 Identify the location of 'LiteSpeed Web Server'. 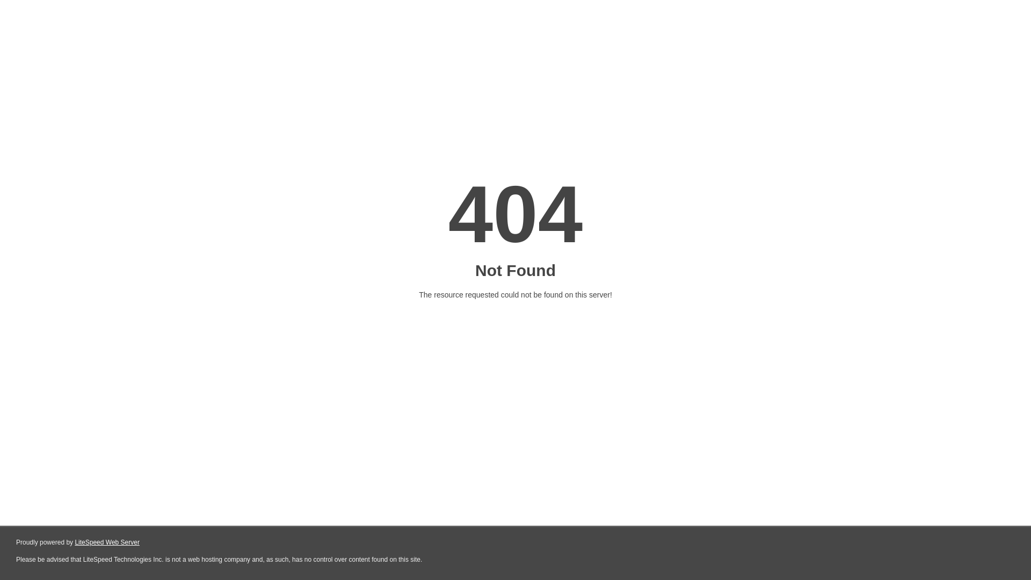
(107, 542).